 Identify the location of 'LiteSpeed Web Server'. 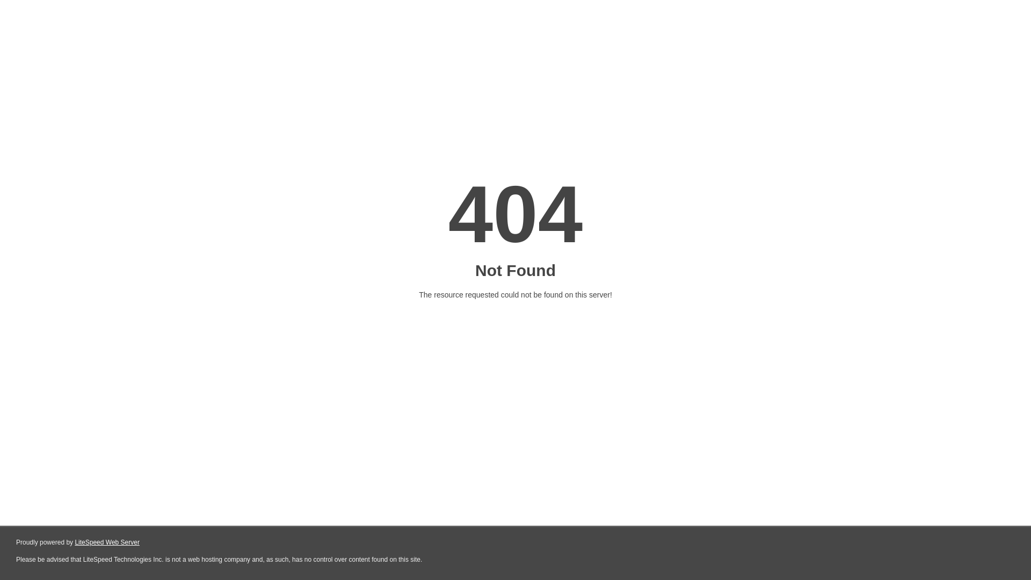
(107, 542).